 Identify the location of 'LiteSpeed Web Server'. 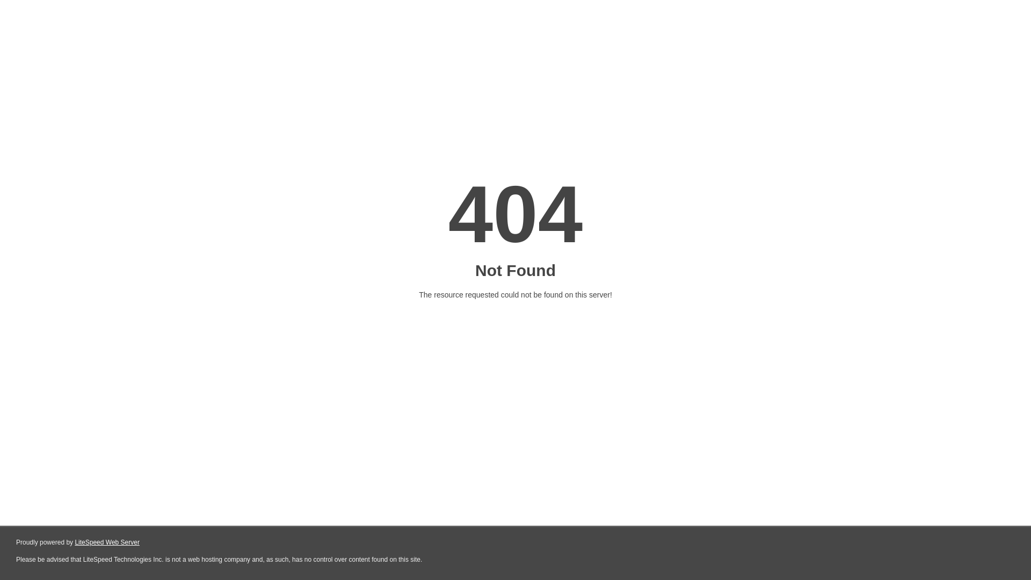
(107, 542).